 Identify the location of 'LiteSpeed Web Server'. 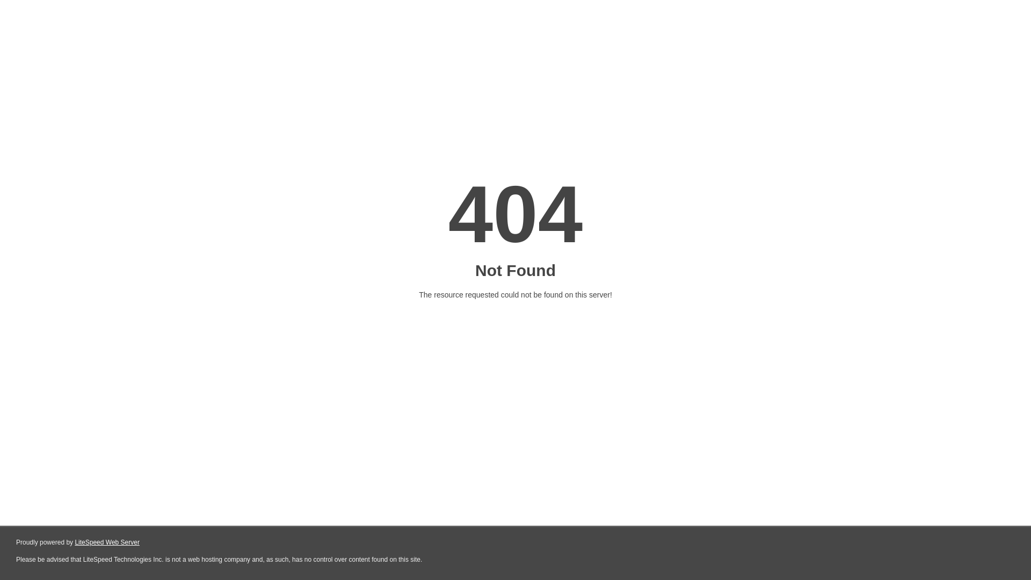
(107, 542).